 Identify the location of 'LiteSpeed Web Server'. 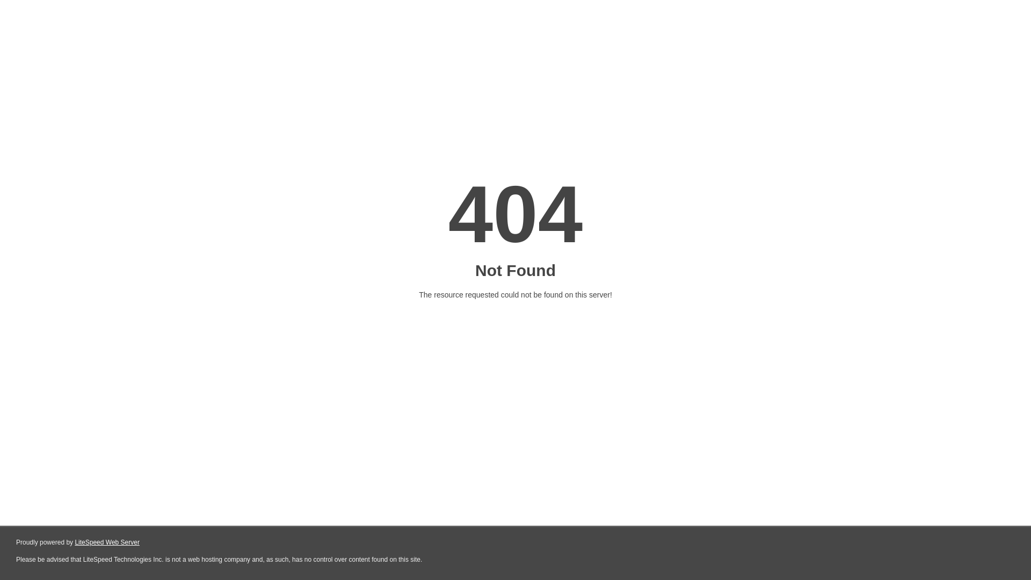
(107, 542).